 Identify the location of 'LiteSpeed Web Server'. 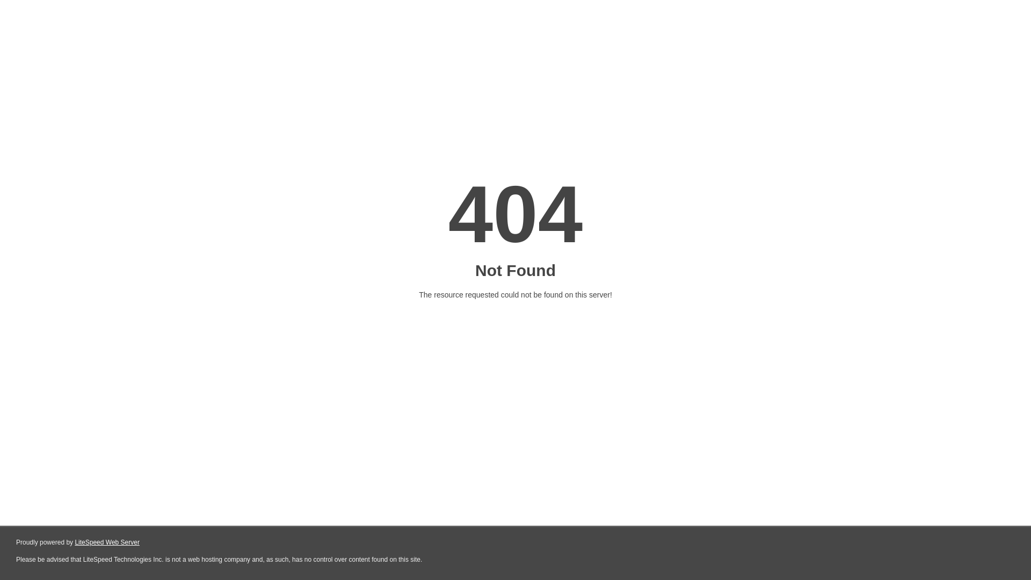
(107, 542).